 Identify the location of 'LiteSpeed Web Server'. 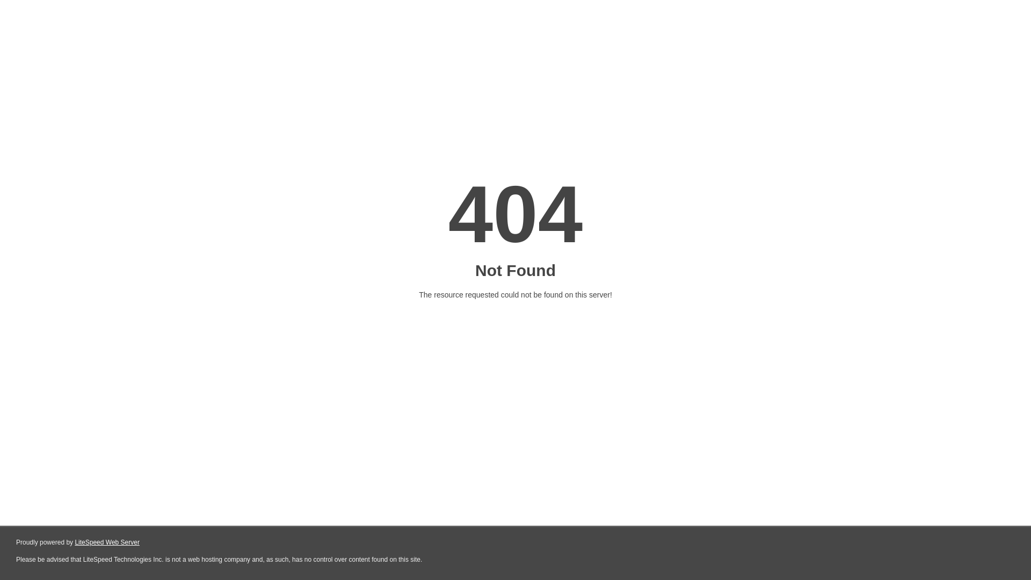
(107, 542).